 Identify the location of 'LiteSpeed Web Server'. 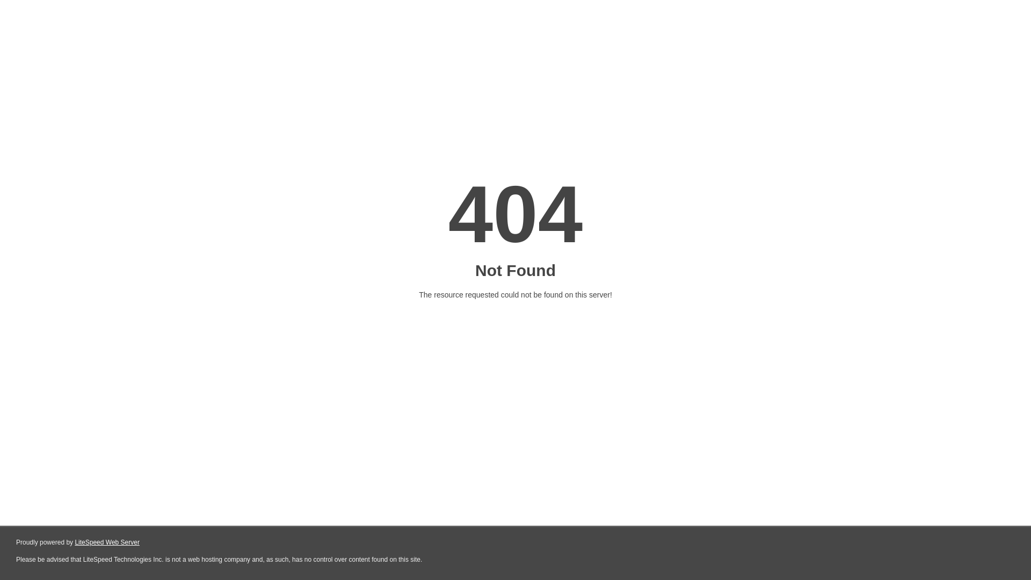
(107, 542).